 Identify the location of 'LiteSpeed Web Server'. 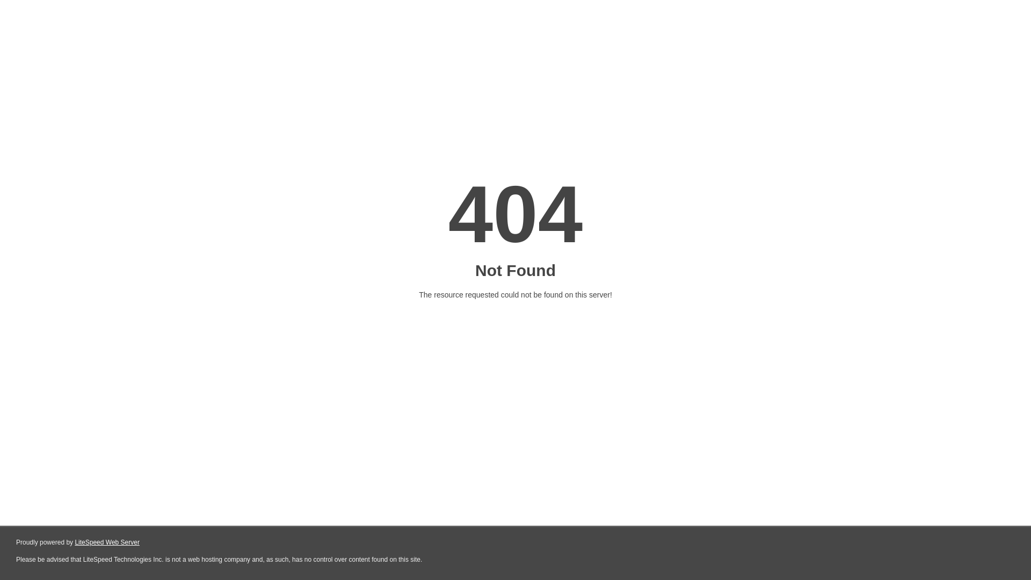
(107, 542).